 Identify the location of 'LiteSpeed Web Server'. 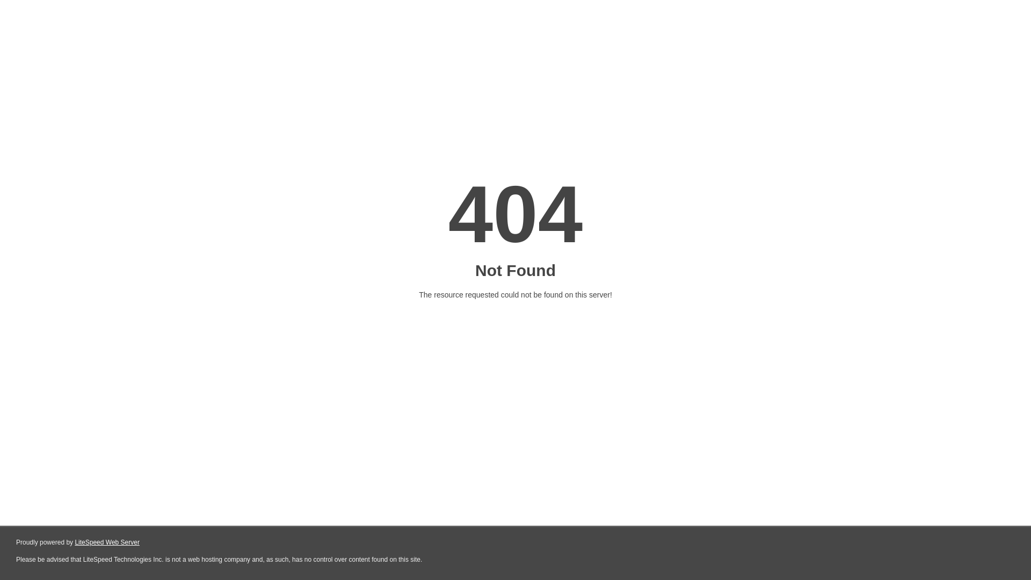
(107, 542).